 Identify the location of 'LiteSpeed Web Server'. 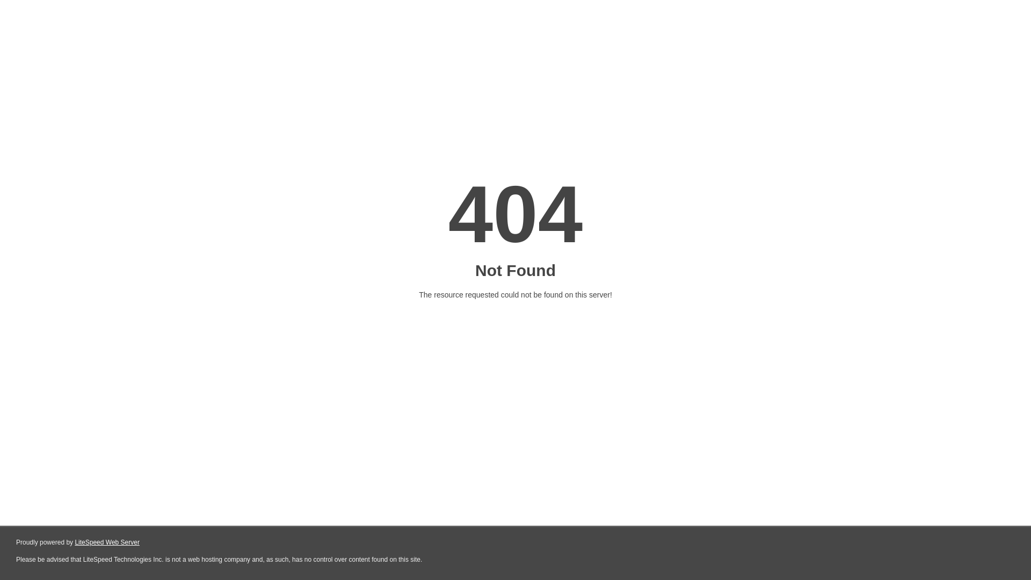
(107, 542).